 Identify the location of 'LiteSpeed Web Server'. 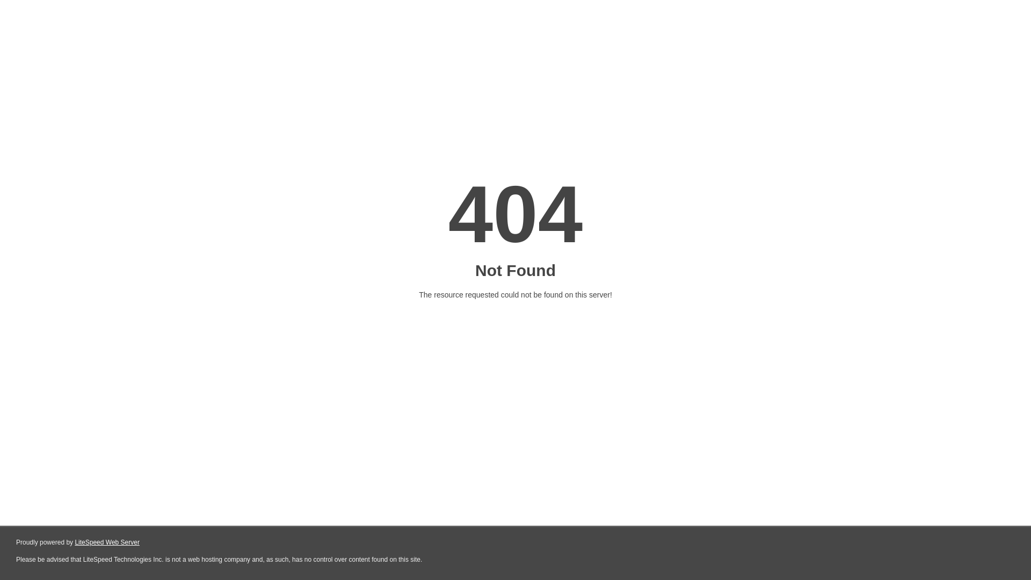
(107, 542).